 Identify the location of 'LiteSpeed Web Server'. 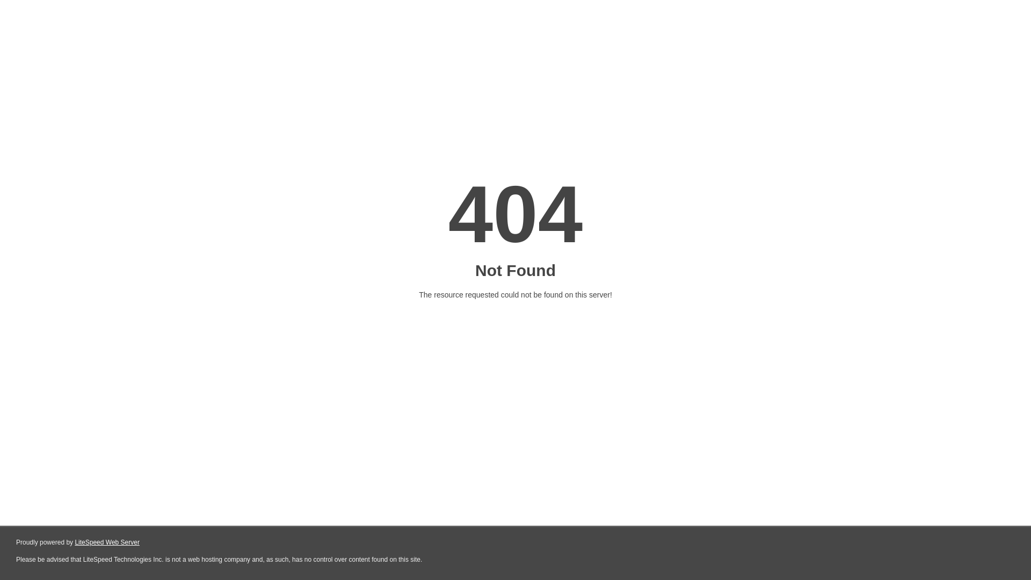
(107, 542).